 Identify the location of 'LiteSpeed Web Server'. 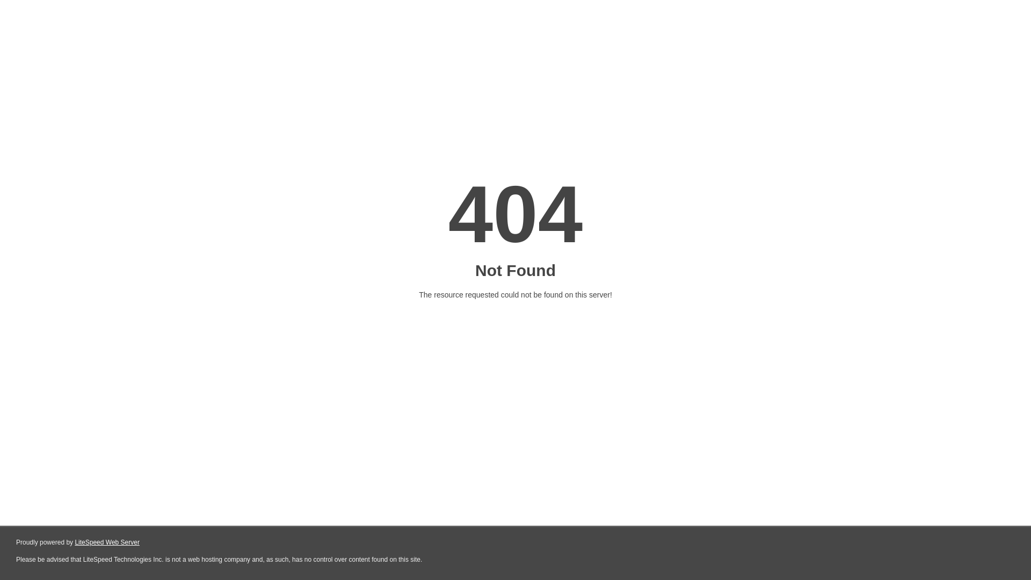
(107, 542).